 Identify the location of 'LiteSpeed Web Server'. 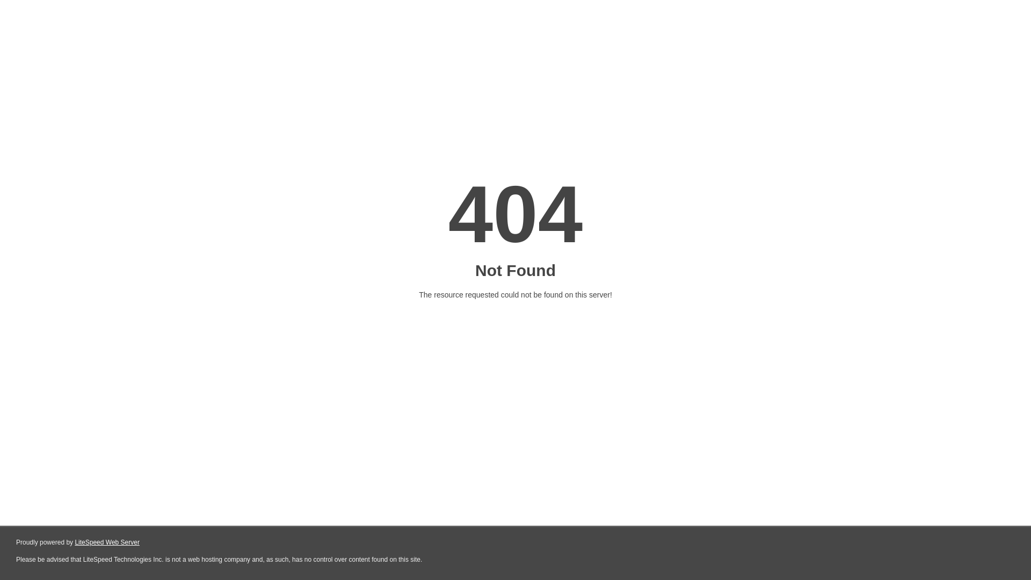
(107, 542).